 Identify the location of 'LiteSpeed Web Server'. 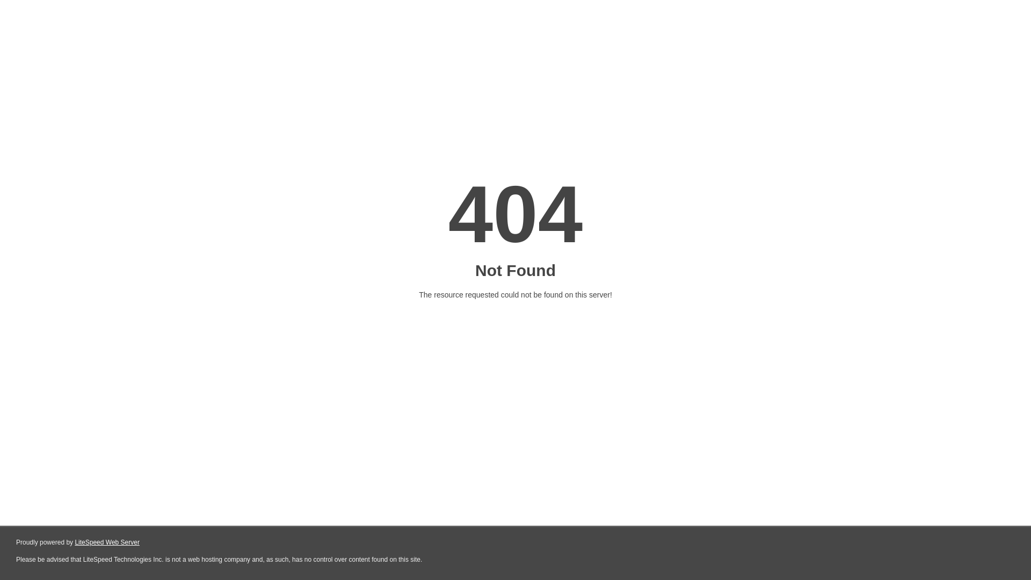
(107, 542).